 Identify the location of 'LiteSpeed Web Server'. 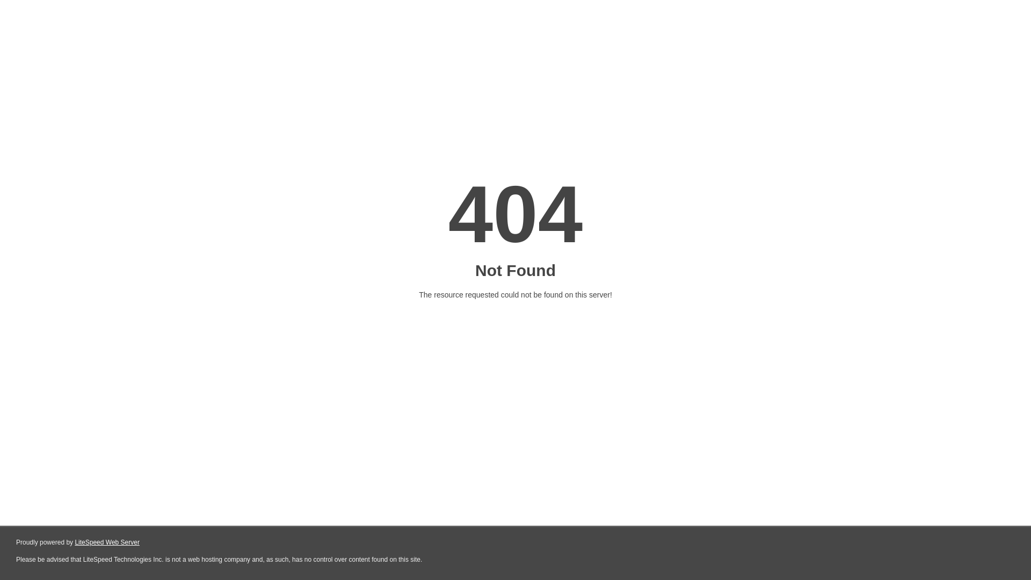
(107, 542).